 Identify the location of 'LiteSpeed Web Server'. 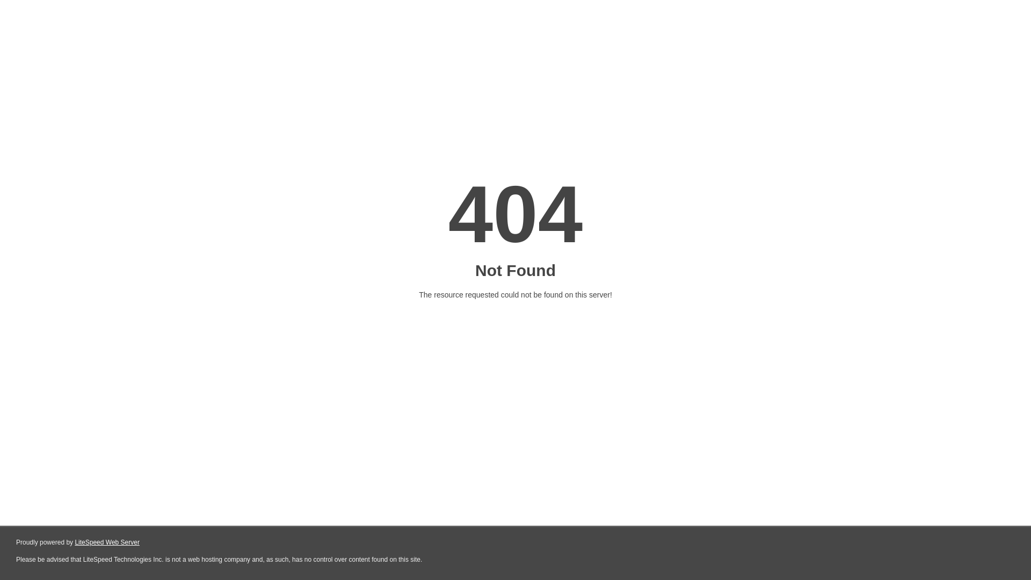
(107, 542).